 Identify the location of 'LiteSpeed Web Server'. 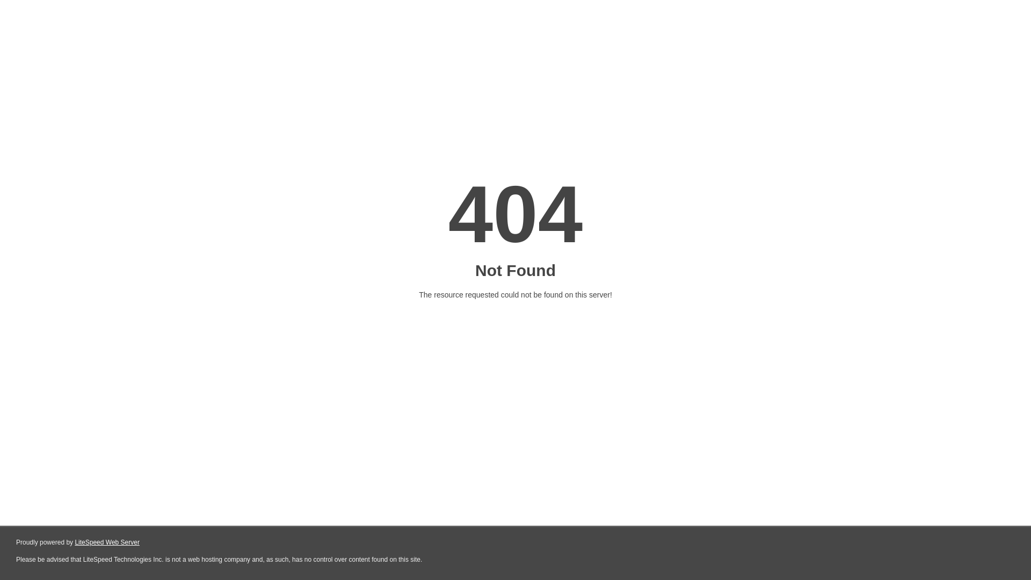
(107, 542).